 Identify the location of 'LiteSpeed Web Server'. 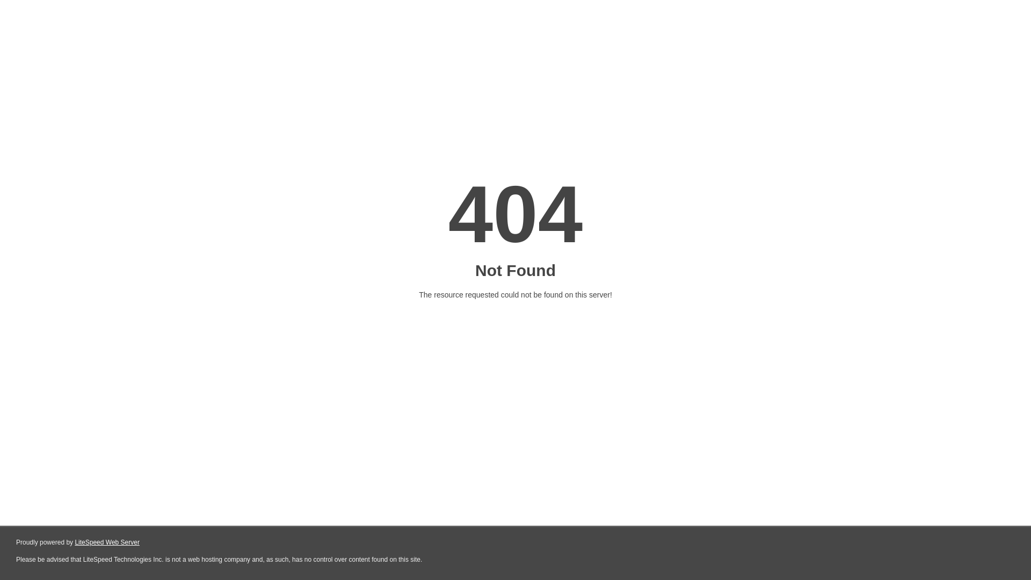
(107, 542).